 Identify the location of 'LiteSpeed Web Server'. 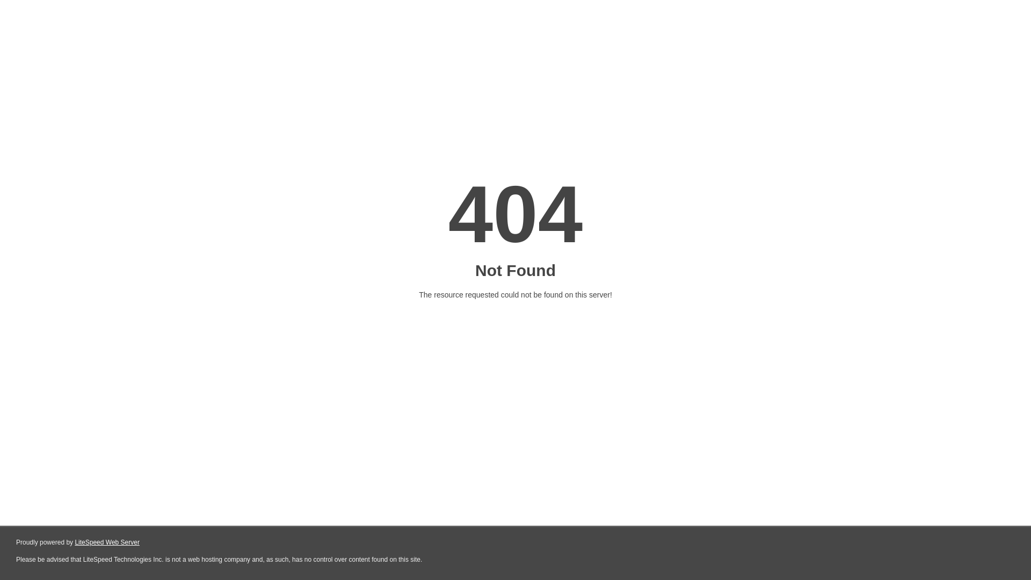
(107, 542).